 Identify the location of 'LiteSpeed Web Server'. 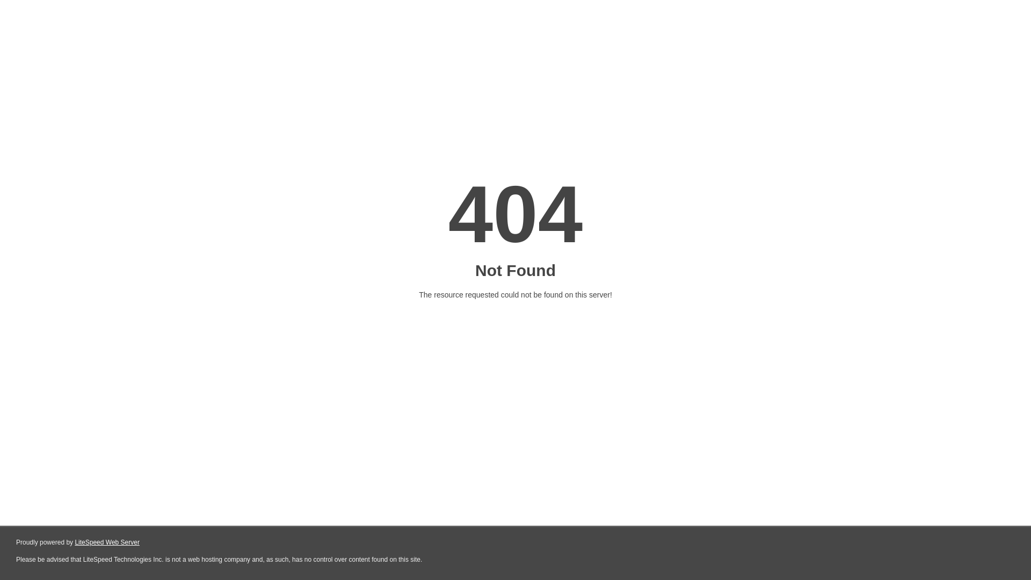
(107, 542).